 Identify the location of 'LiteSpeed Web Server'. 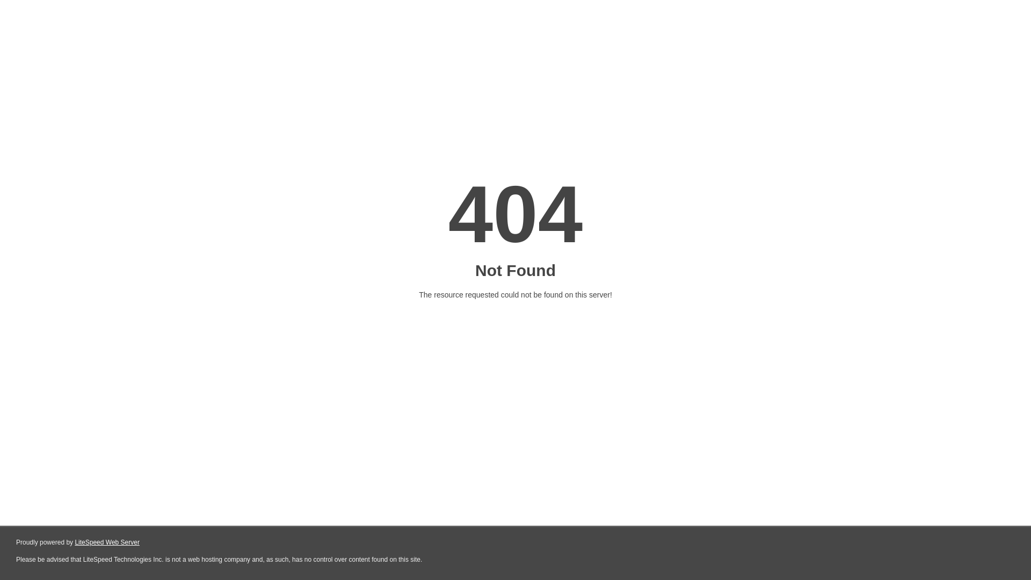
(107, 542).